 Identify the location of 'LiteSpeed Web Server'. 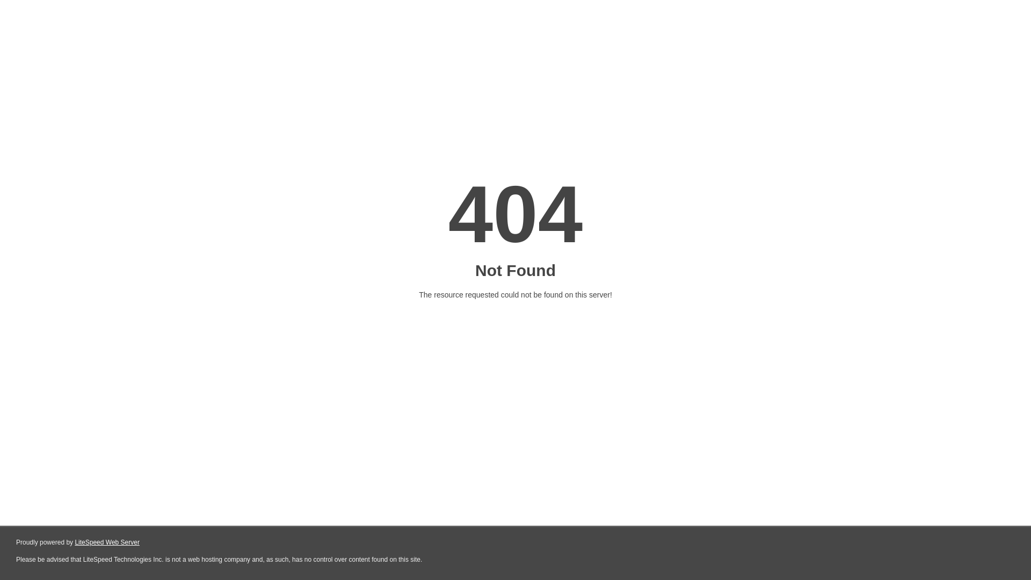
(107, 542).